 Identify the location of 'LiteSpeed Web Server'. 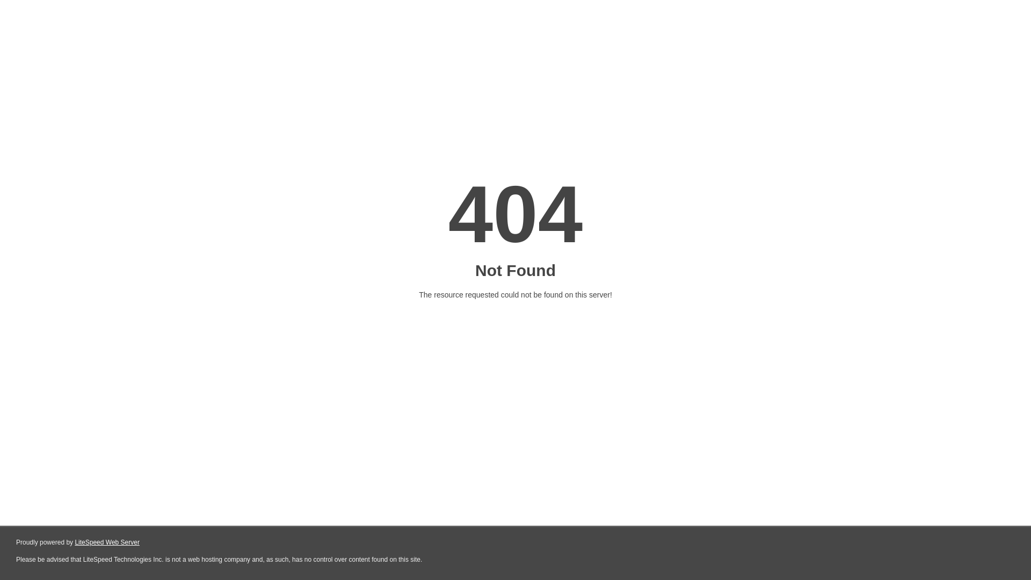
(107, 542).